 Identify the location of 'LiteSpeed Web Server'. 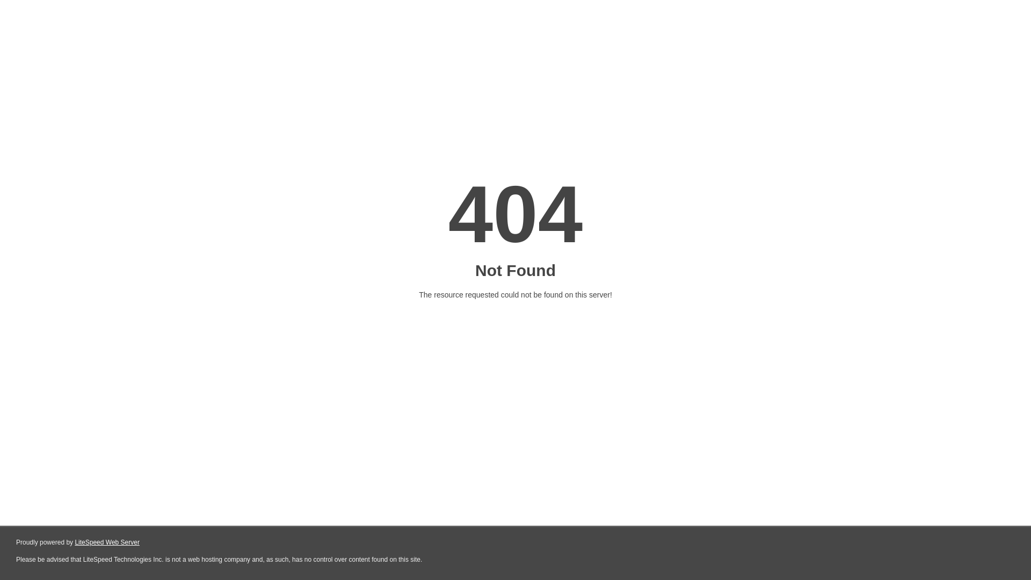
(107, 542).